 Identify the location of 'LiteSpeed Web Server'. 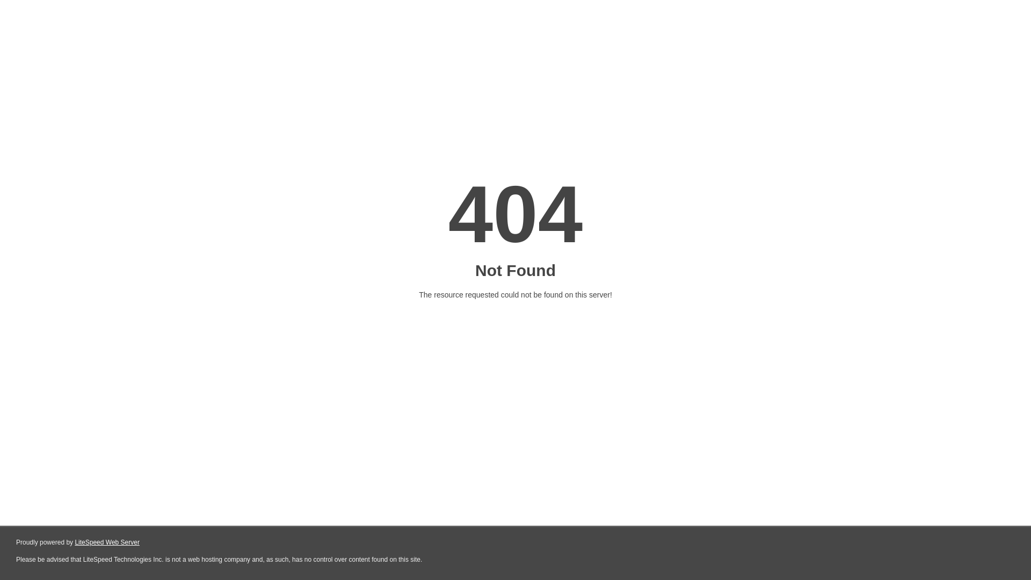
(107, 542).